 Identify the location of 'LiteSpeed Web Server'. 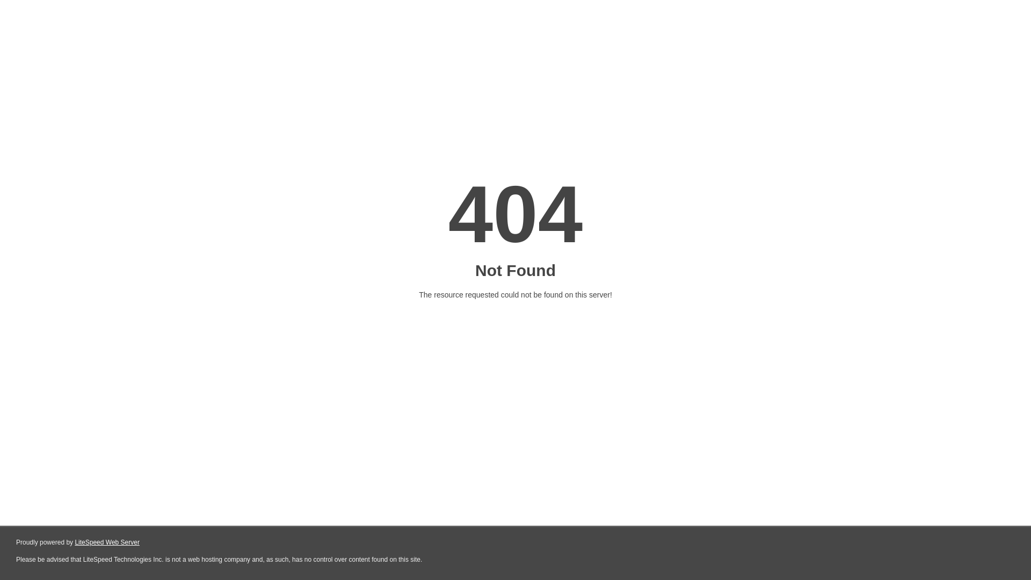
(107, 542).